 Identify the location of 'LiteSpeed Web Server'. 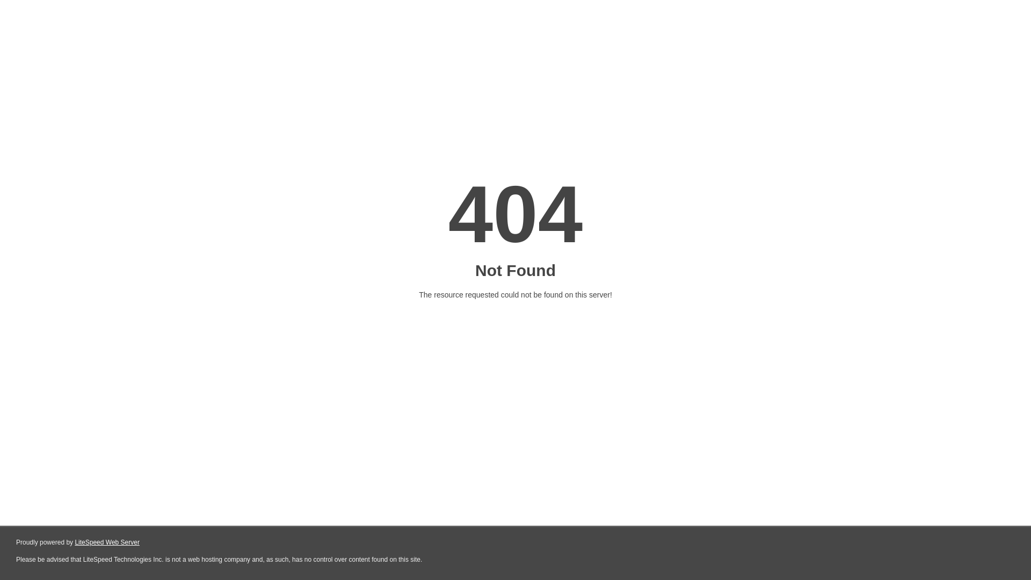
(107, 542).